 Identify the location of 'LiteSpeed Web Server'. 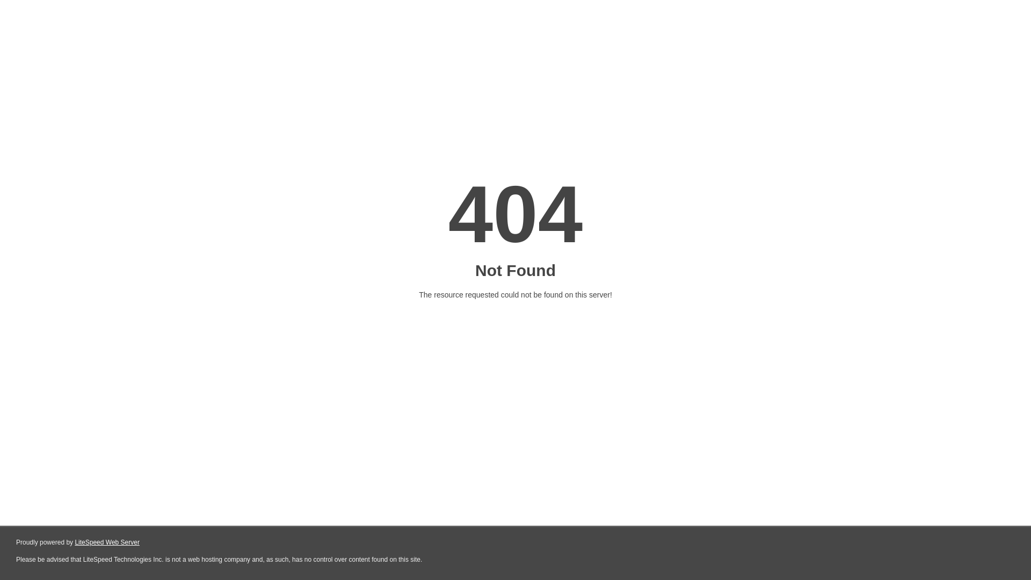
(107, 542).